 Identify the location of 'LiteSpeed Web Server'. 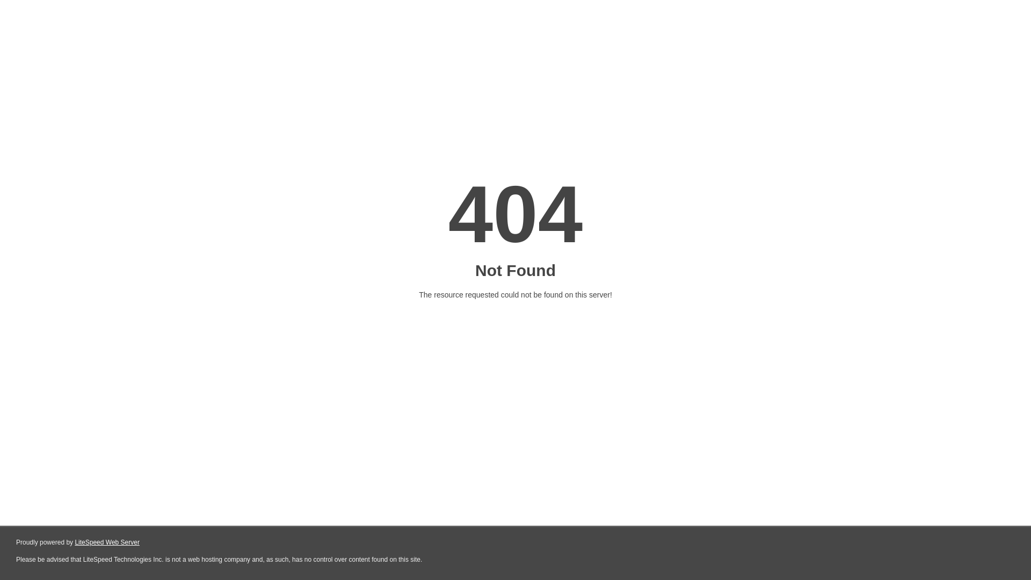
(107, 542).